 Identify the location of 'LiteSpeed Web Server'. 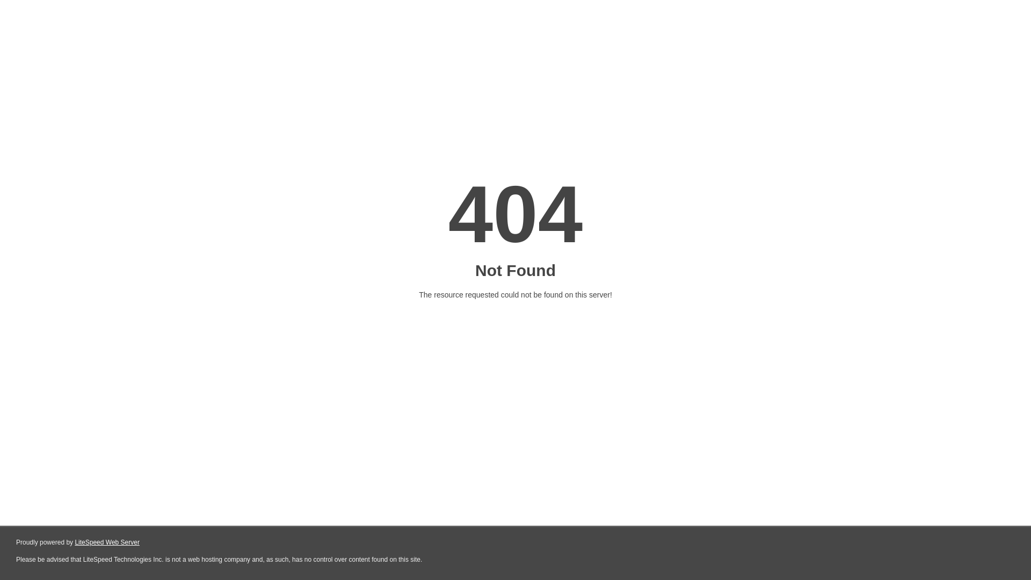
(107, 542).